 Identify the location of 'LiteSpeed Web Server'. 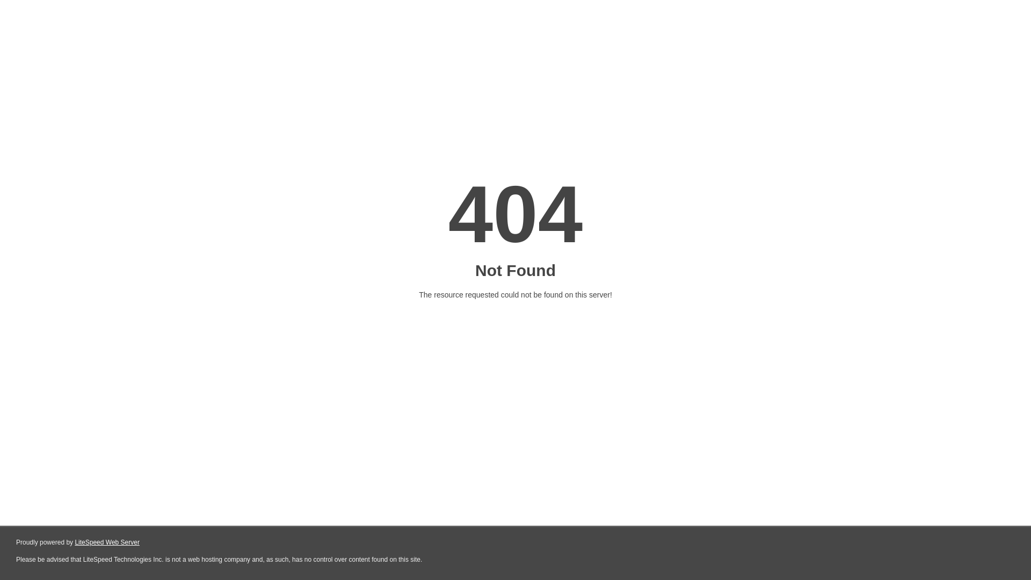
(107, 542).